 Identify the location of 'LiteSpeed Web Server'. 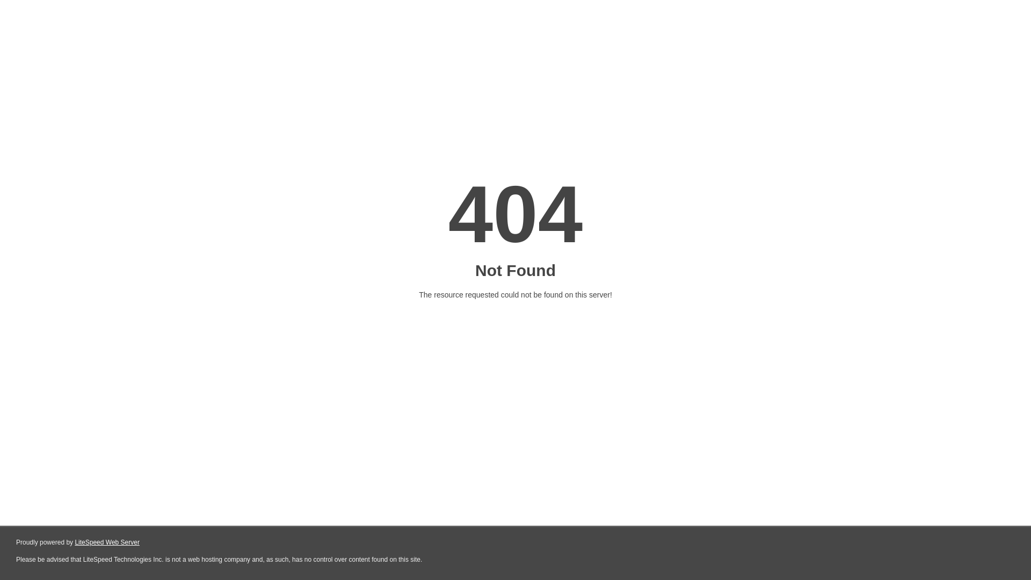
(107, 542).